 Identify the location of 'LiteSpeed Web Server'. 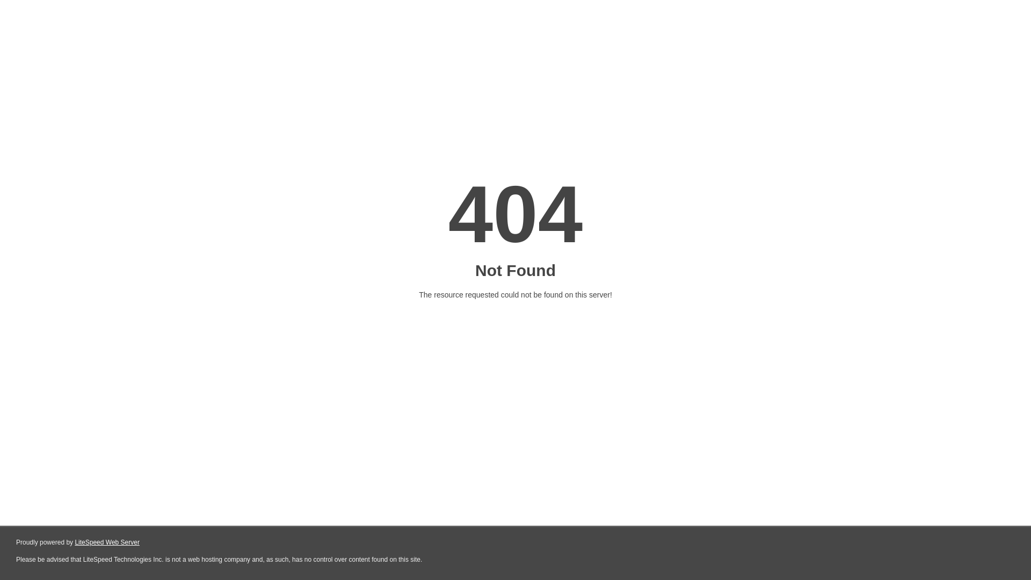
(107, 542).